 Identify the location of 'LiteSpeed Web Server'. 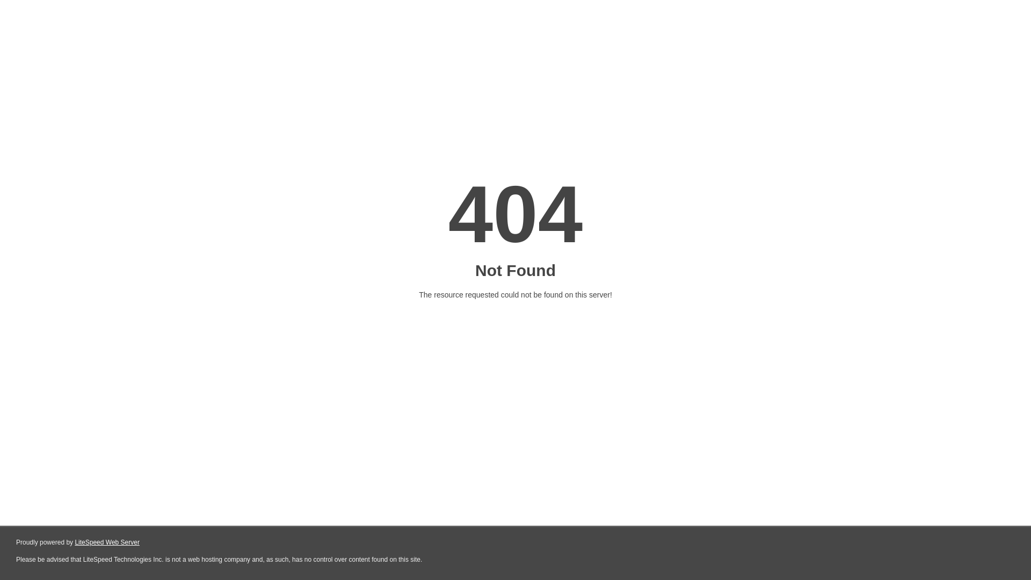
(107, 542).